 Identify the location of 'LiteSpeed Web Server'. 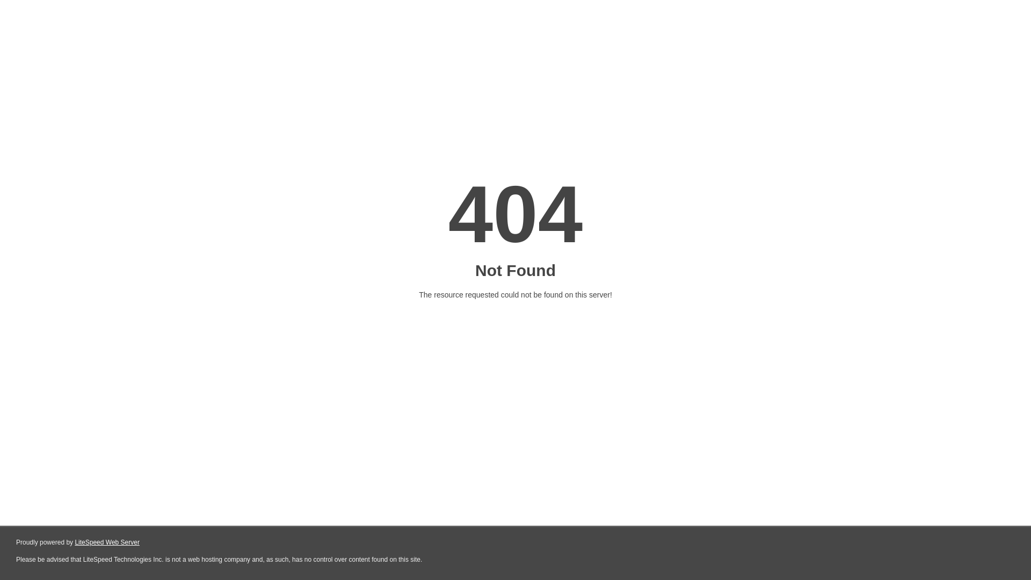
(107, 542).